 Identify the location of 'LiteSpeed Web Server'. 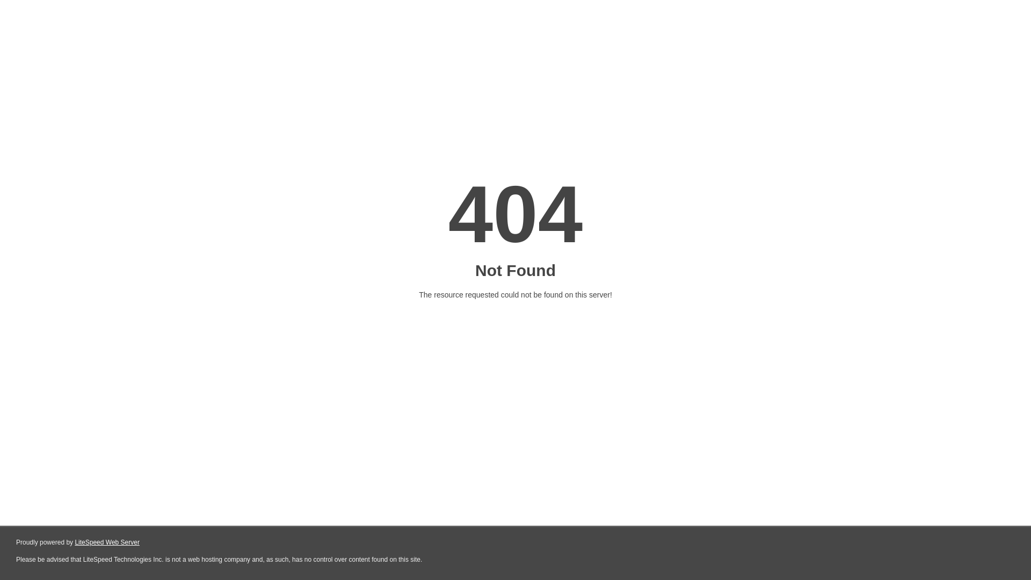
(107, 542).